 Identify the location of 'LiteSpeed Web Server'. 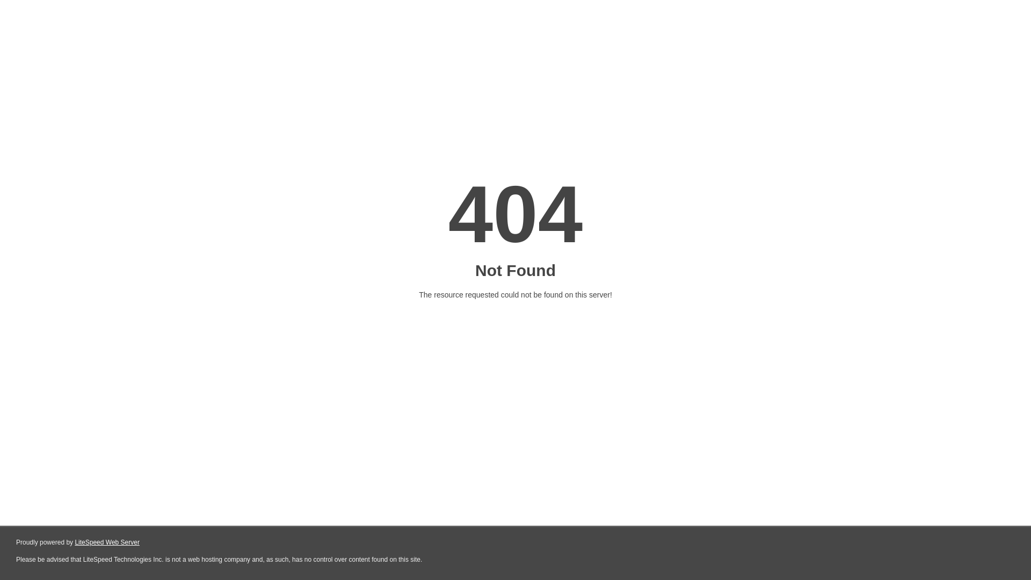
(107, 542).